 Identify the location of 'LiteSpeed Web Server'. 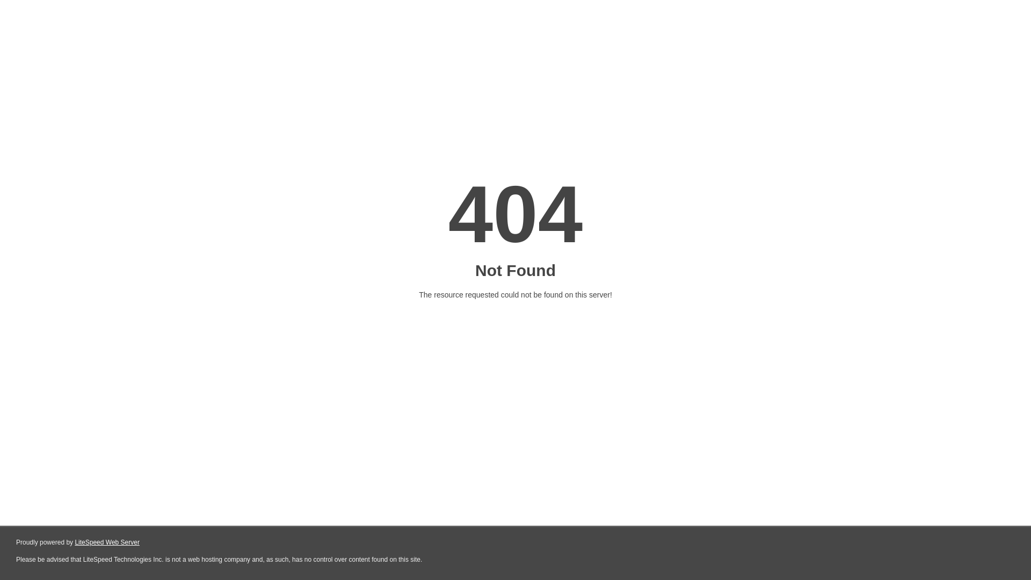
(107, 542).